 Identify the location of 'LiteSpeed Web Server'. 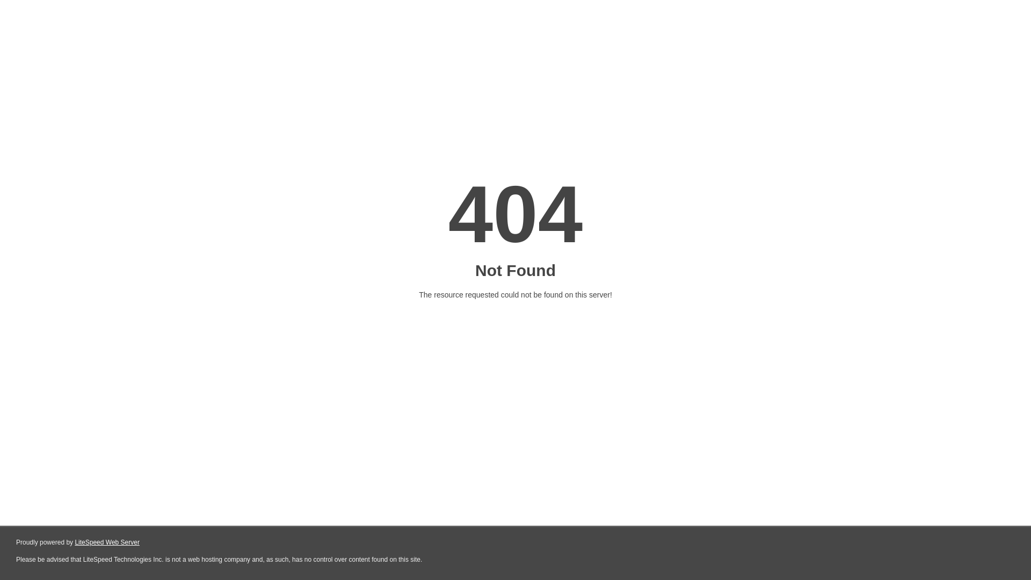
(107, 542).